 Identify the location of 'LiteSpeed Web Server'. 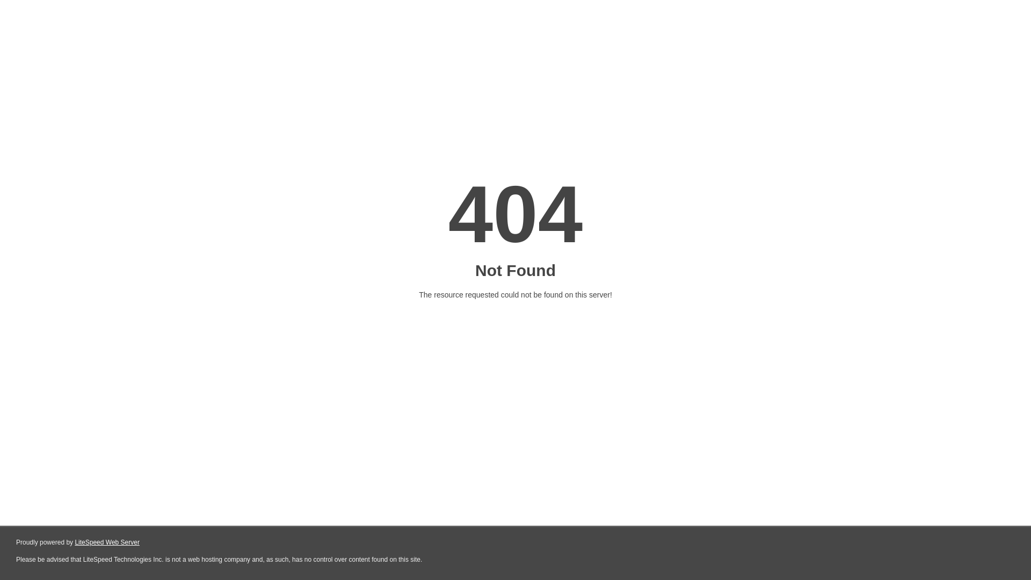
(107, 542).